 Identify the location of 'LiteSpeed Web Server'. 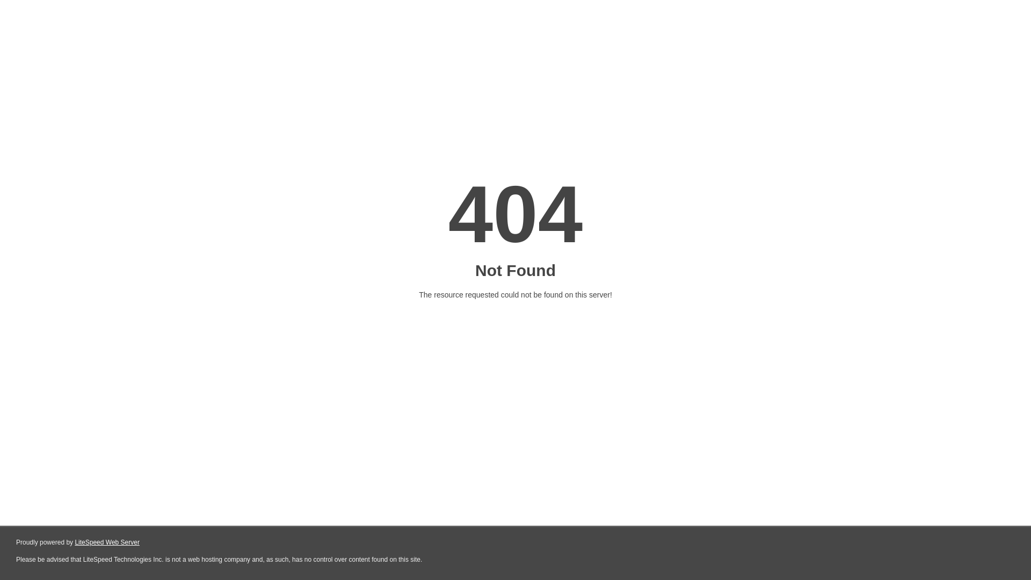
(107, 542).